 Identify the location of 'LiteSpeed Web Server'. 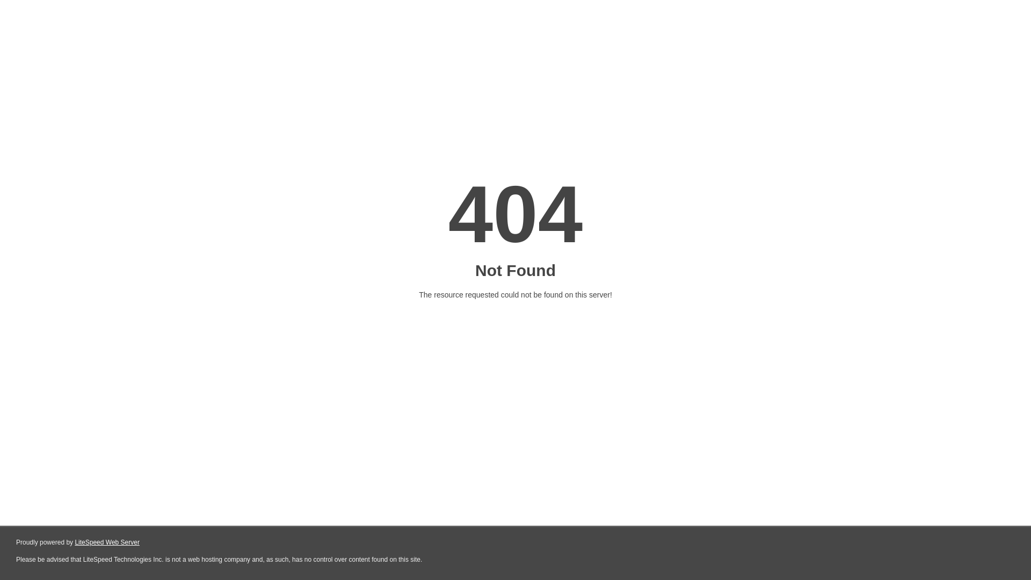
(107, 542).